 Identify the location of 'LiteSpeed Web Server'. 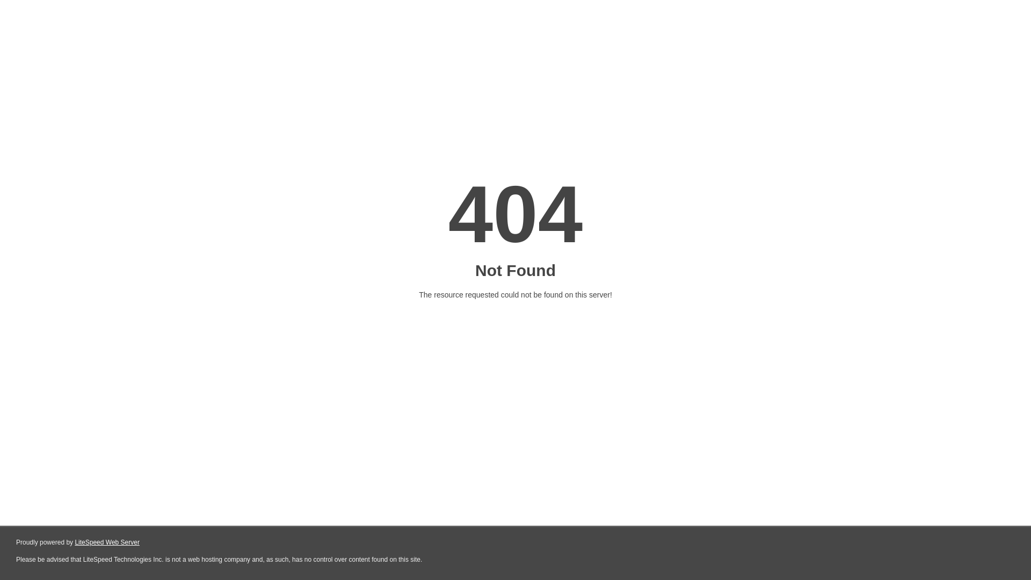
(107, 542).